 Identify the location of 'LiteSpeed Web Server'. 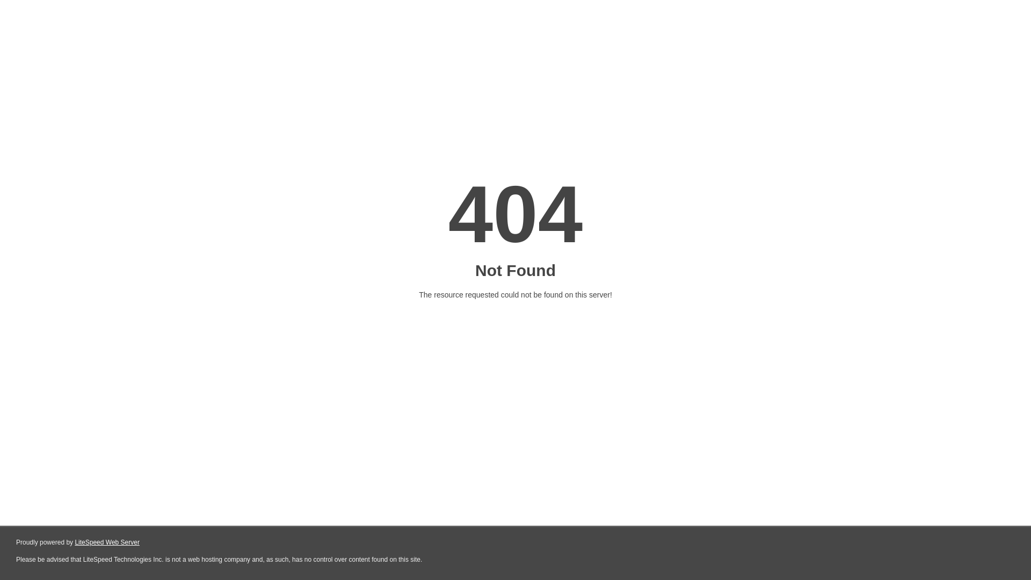
(107, 542).